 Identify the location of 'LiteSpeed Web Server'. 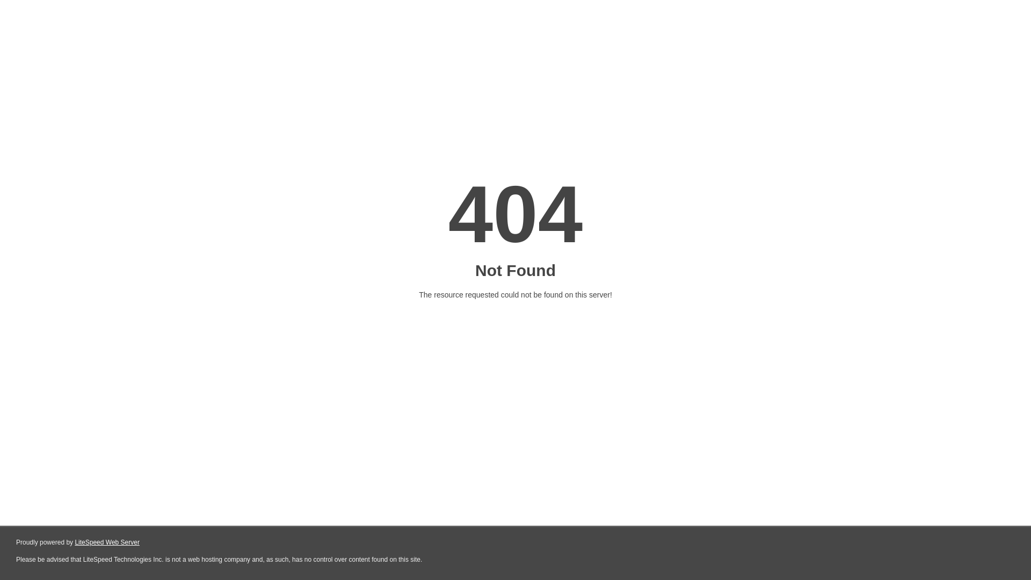
(107, 542).